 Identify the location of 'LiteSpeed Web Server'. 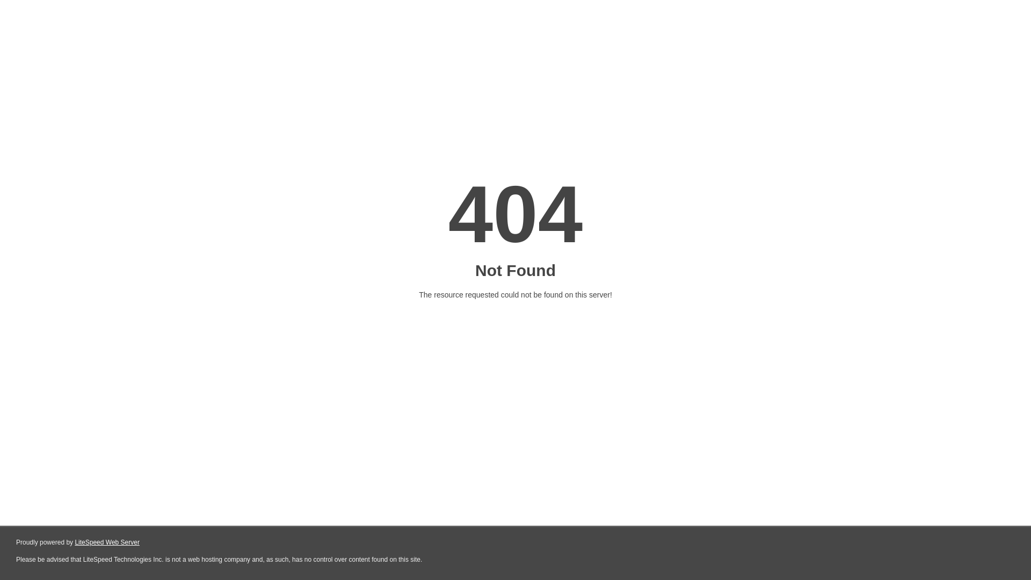
(107, 542).